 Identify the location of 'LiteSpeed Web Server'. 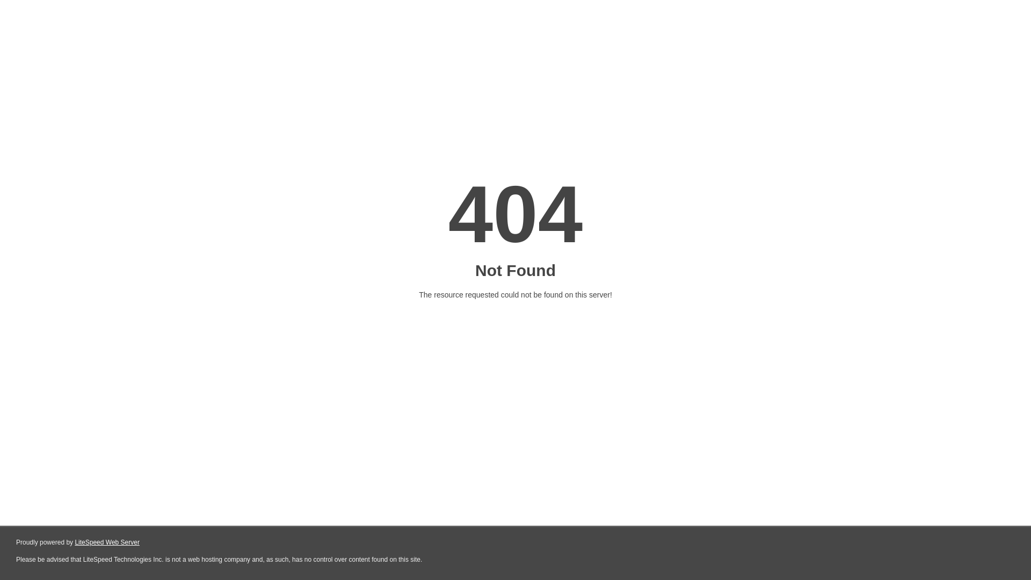
(107, 542).